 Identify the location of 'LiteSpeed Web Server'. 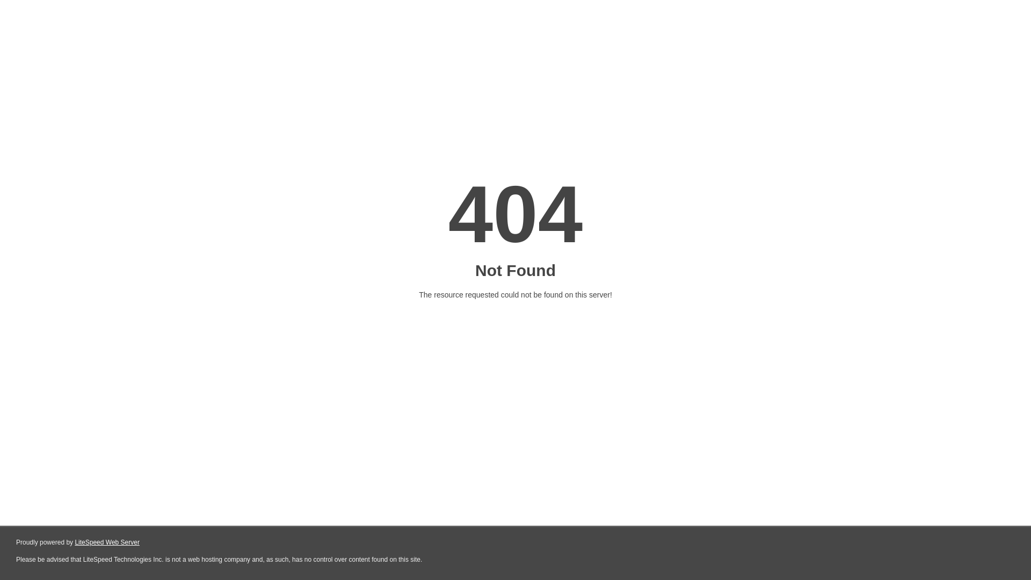
(107, 542).